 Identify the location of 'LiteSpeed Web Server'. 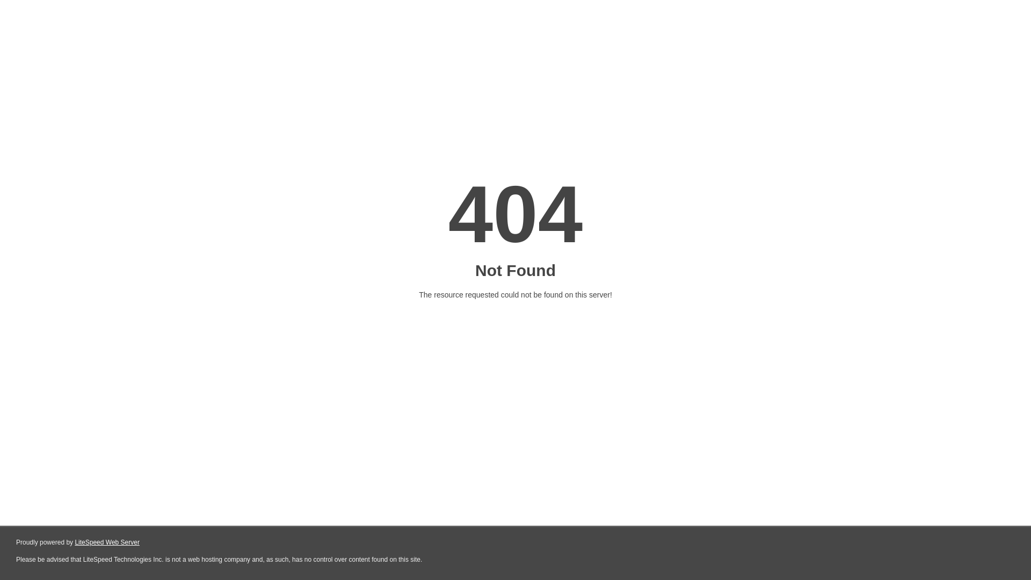
(107, 542).